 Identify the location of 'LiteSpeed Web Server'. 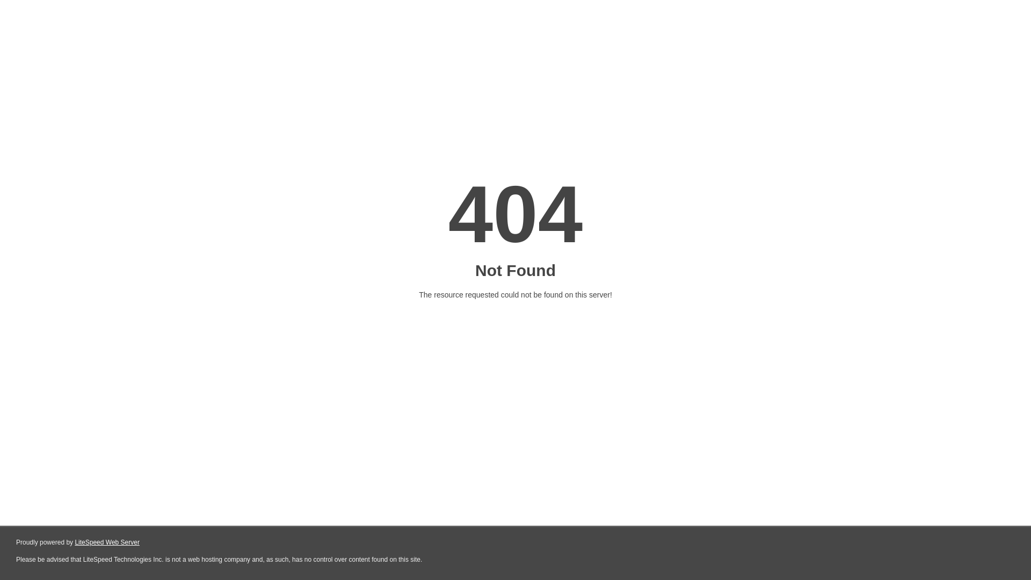
(107, 542).